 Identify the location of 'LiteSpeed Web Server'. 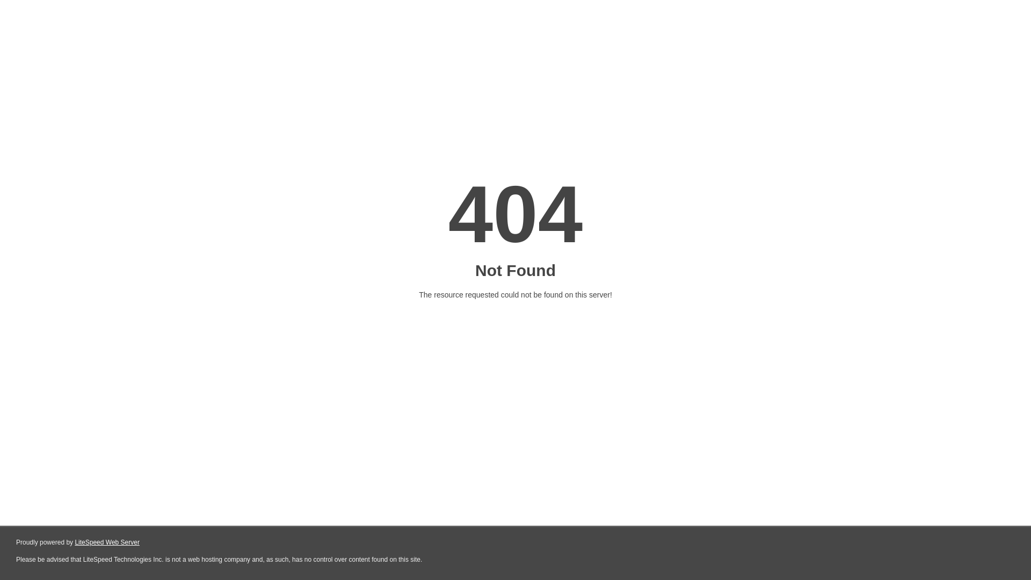
(107, 542).